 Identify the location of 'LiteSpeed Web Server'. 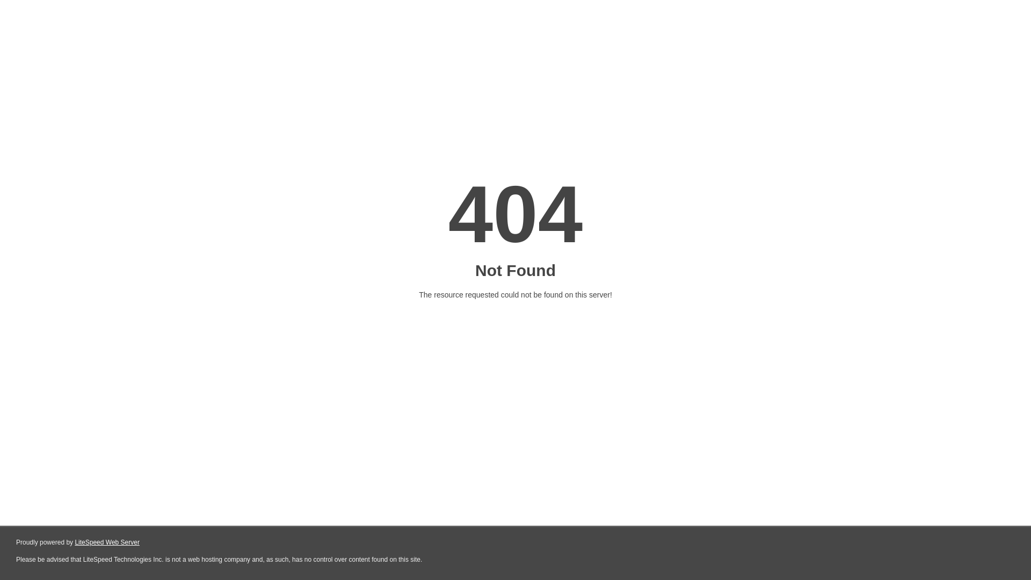
(107, 542).